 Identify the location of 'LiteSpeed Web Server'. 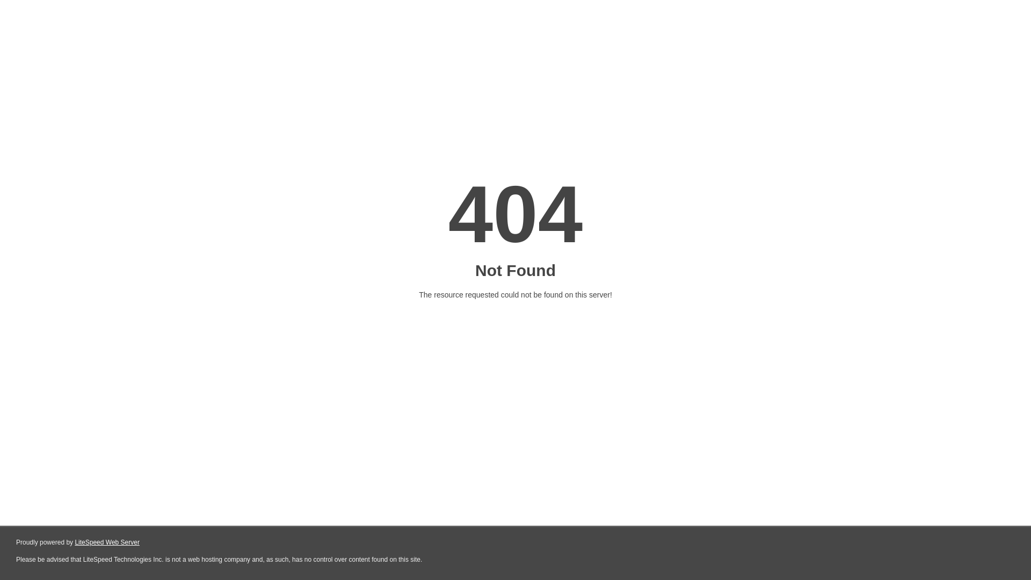
(107, 542).